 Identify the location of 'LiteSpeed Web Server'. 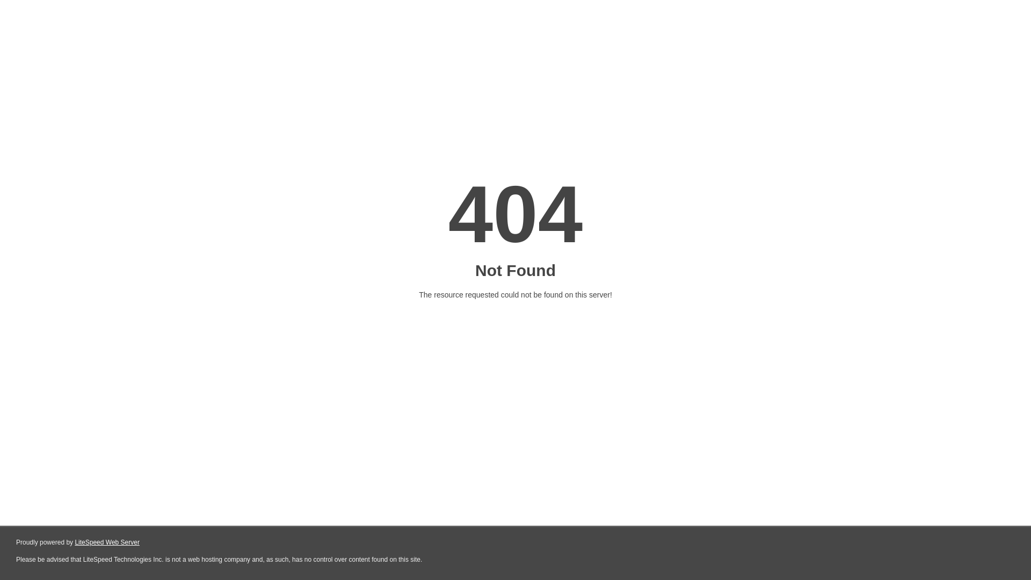
(107, 542).